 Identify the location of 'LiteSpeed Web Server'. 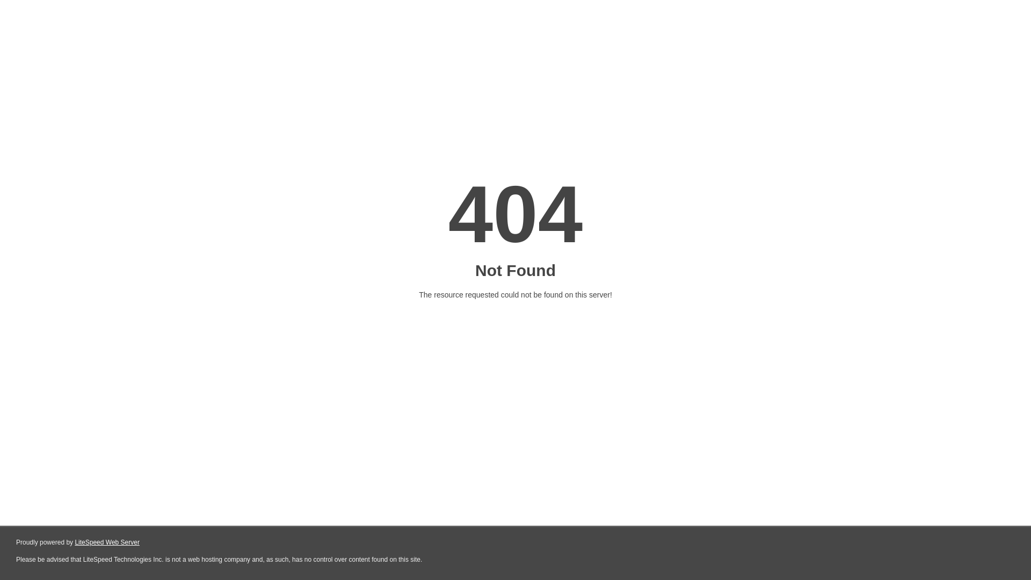
(107, 542).